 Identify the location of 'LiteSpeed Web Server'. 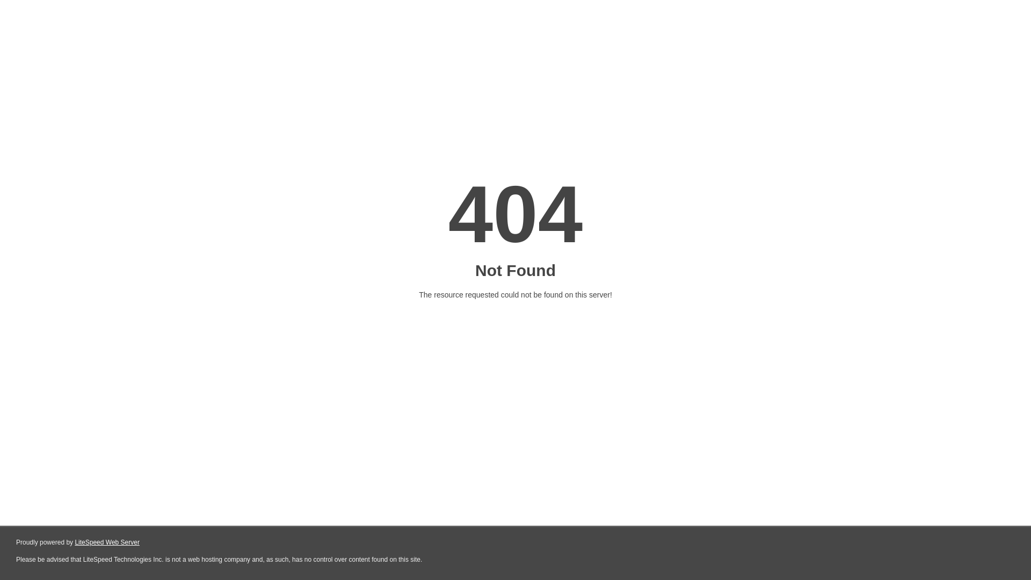
(107, 542).